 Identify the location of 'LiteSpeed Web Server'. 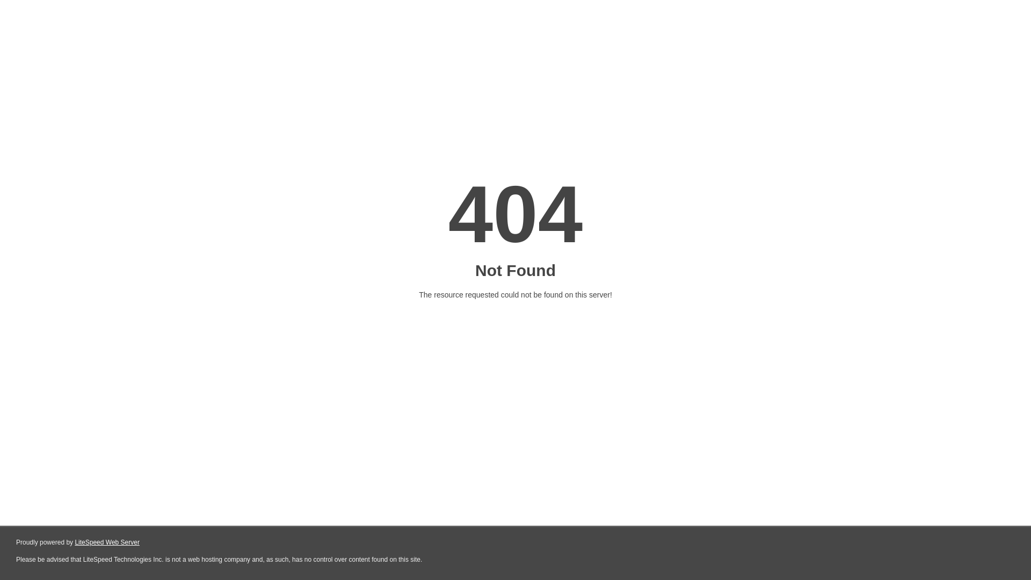
(107, 542).